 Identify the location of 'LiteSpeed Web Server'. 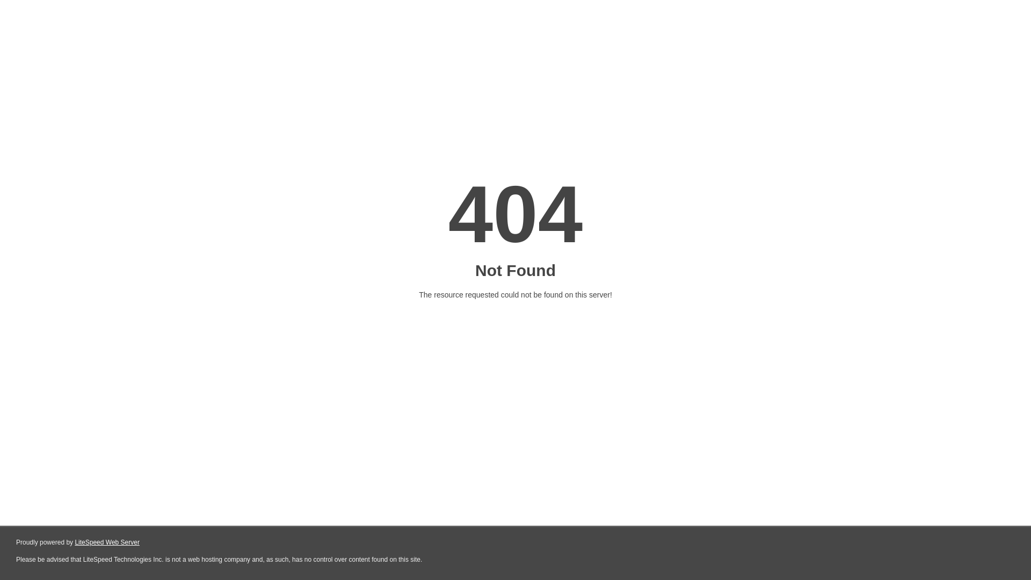
(107, 542).